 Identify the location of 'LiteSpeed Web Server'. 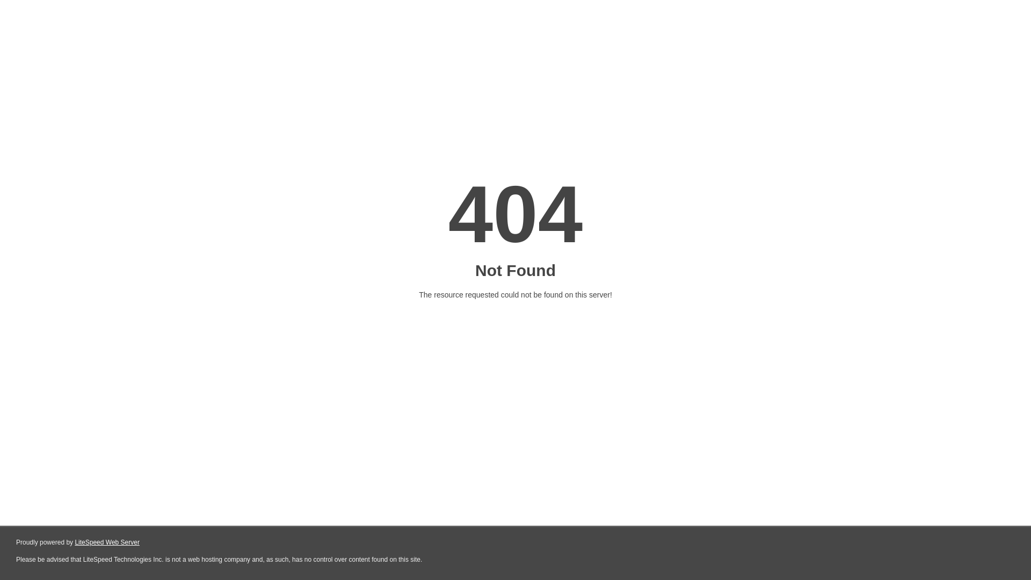
(107, 542).